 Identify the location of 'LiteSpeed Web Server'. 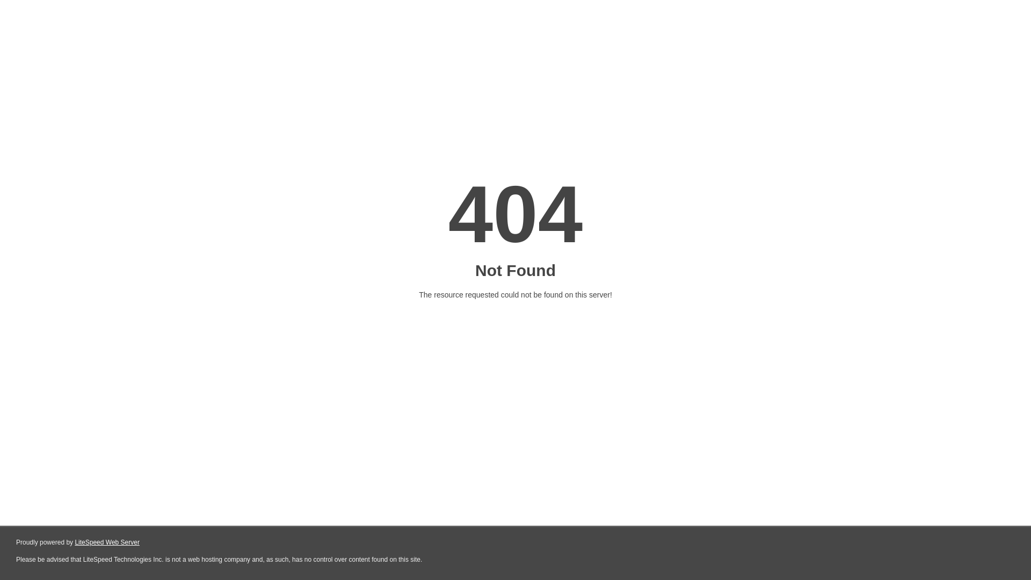
(107, 542).